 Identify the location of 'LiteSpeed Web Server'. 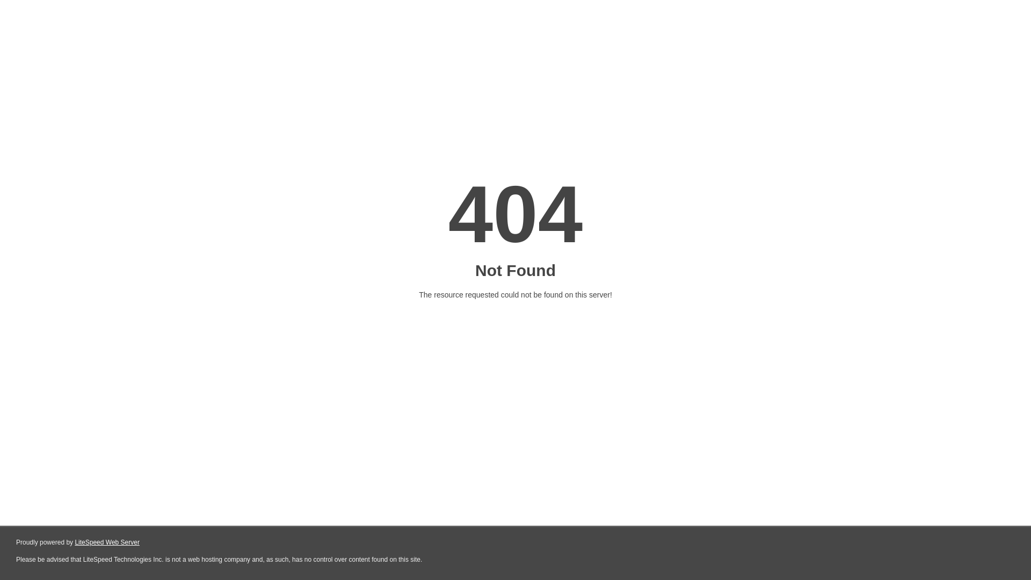
(107, 542).